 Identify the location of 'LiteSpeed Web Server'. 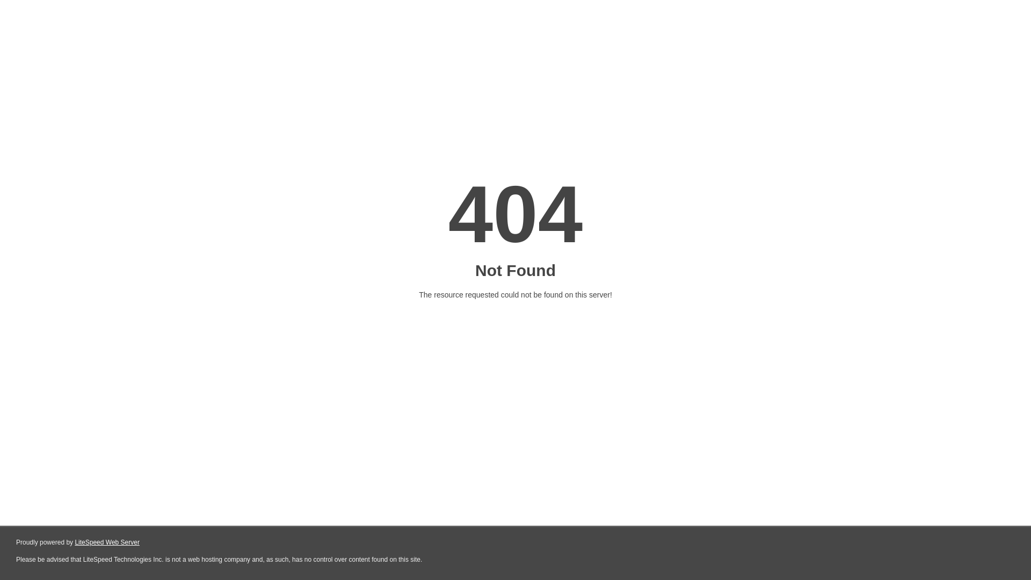
(107, 542).